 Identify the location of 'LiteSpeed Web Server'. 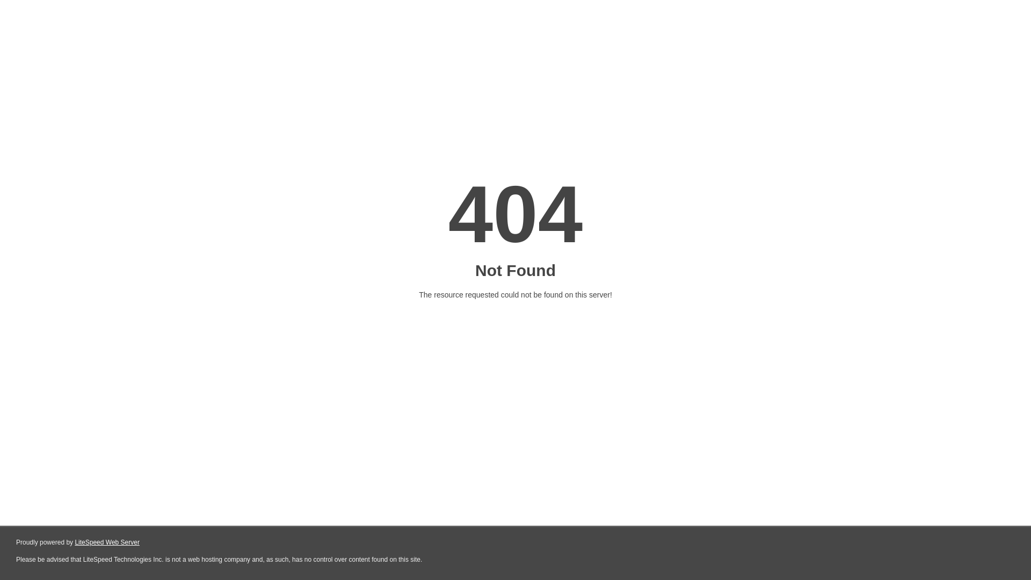
(107, 542).